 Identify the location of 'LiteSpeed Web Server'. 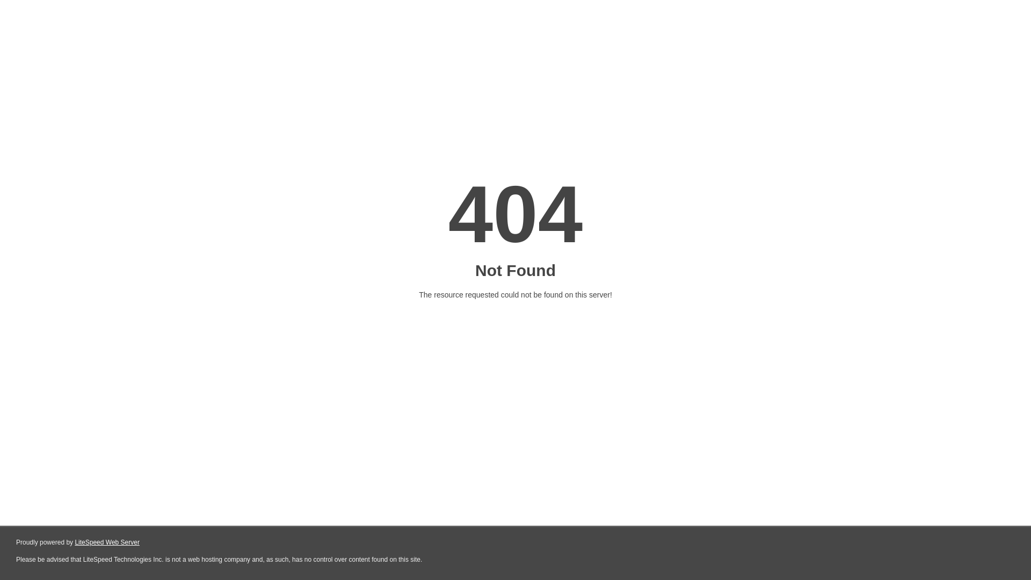
(107, 542).